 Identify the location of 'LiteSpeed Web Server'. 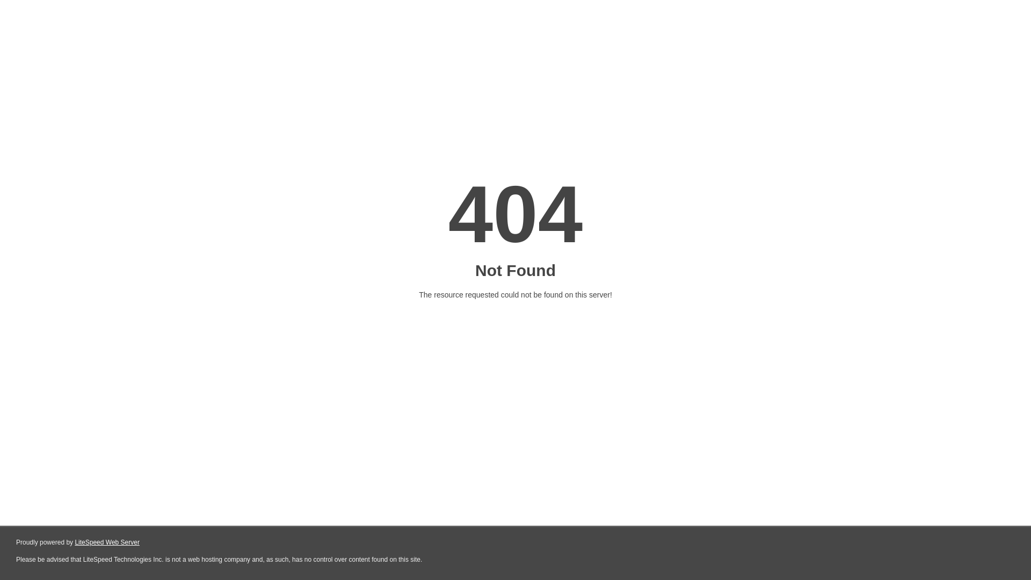
(107, 542).